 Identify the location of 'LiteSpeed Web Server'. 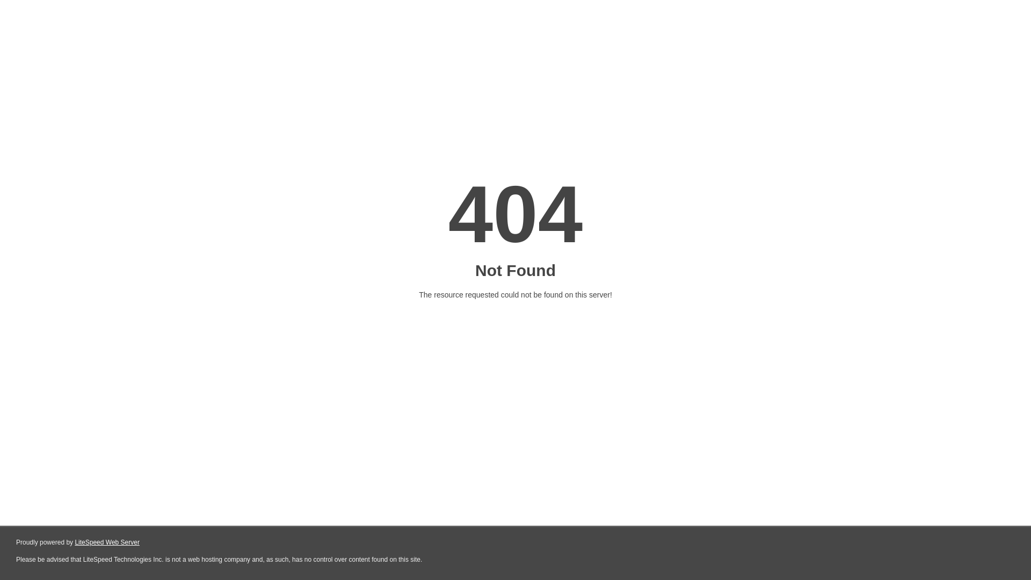
(107, 542).